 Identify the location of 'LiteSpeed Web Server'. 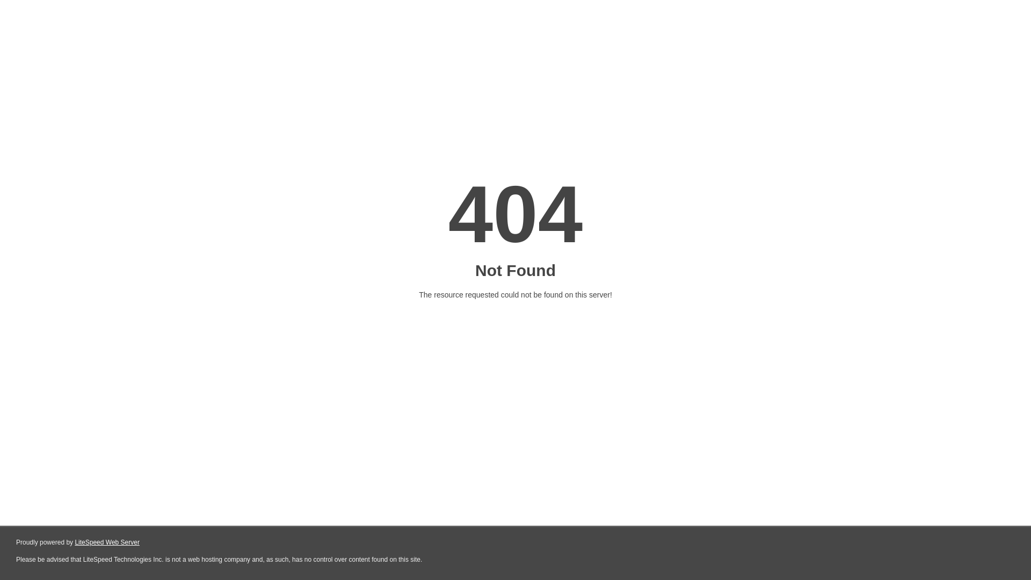
(107, 542).